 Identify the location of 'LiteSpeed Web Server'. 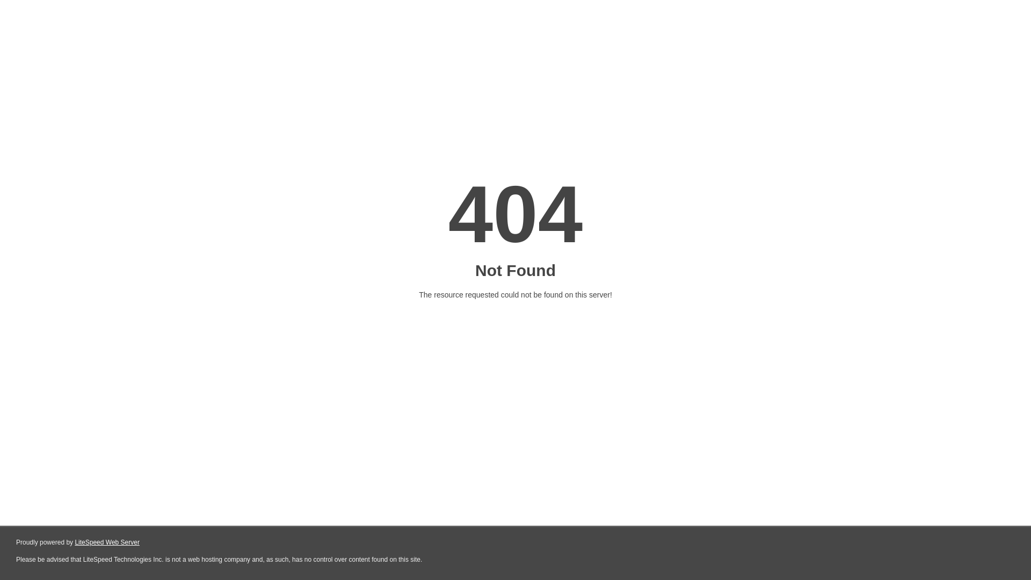
(107, 542).